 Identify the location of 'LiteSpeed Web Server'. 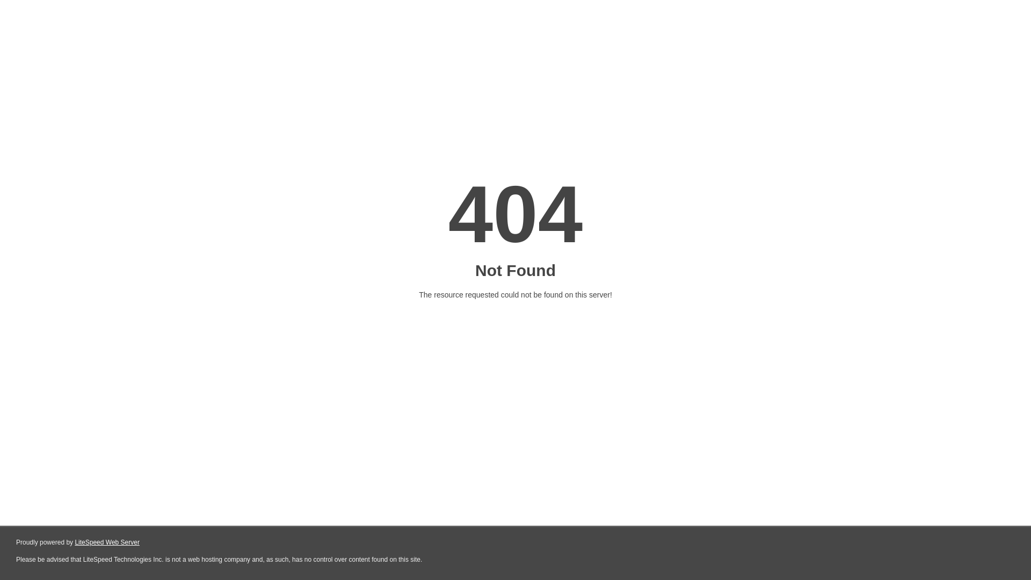
(107, 542).